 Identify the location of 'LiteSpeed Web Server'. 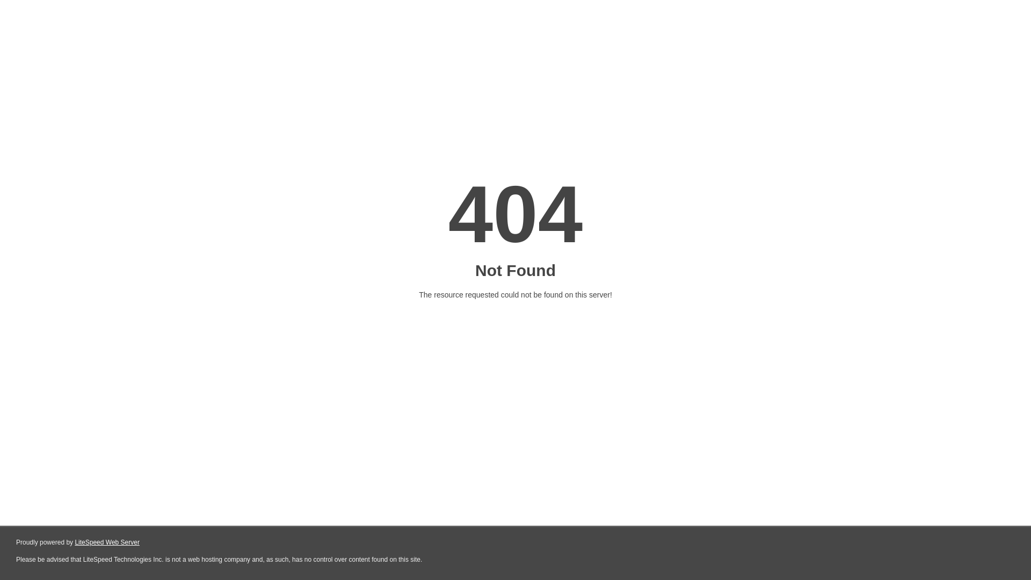
(107, 542).